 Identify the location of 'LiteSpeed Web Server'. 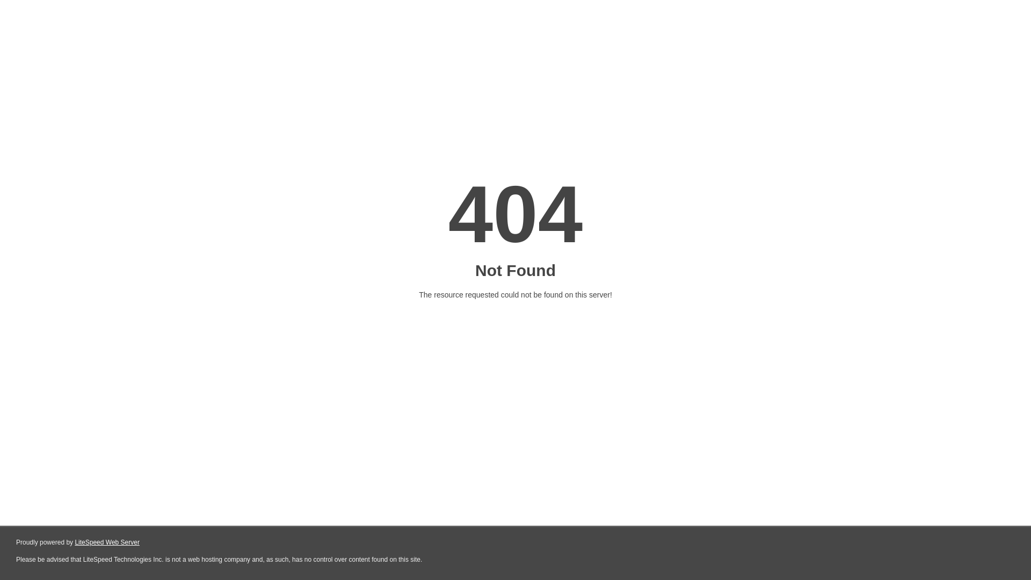
(107, 542).